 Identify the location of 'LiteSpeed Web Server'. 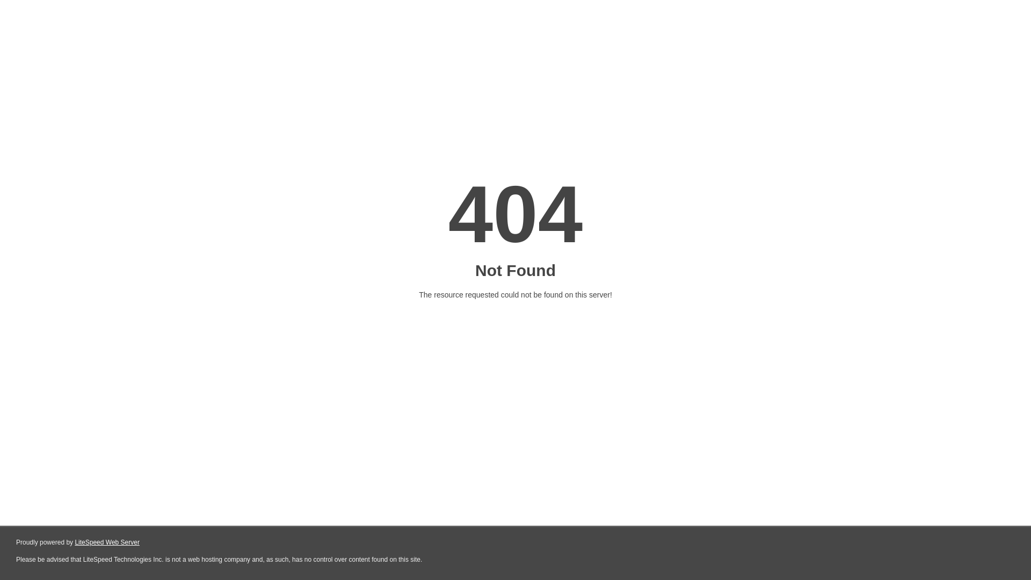
(107, 542).